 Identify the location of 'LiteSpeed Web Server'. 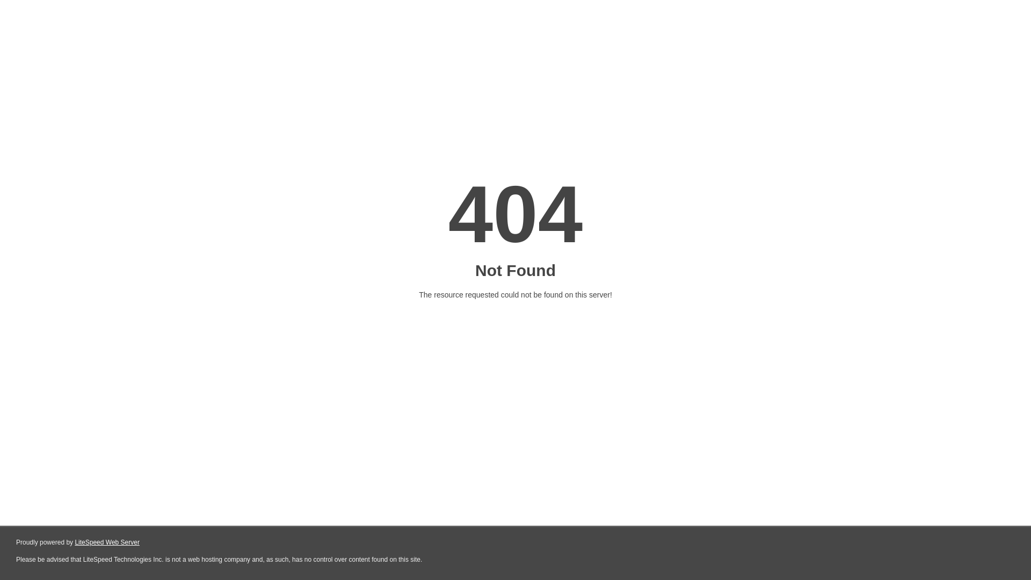
(107, 542).